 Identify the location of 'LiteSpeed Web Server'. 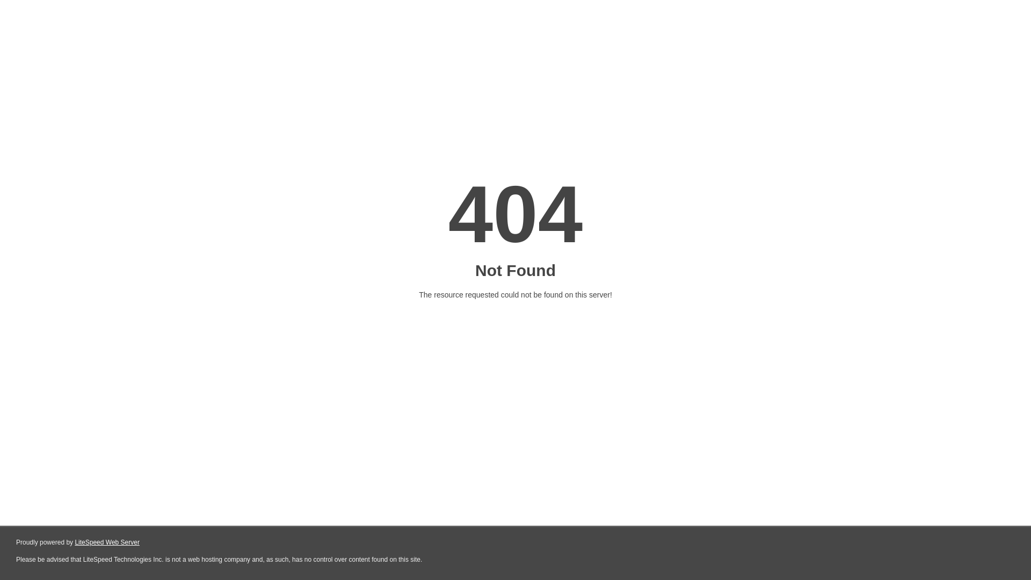
(107, 542).